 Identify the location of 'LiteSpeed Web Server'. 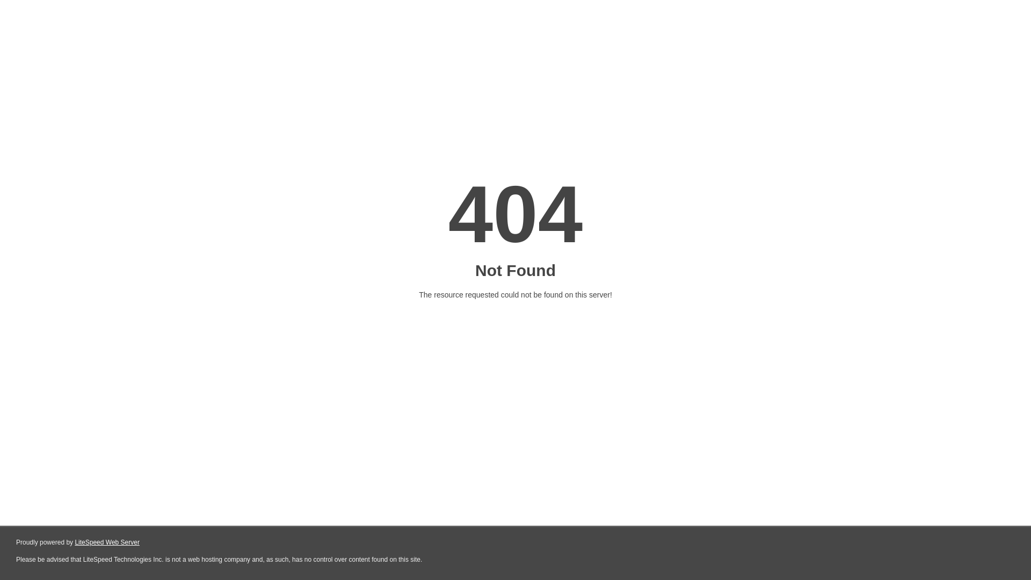
(107, 542).